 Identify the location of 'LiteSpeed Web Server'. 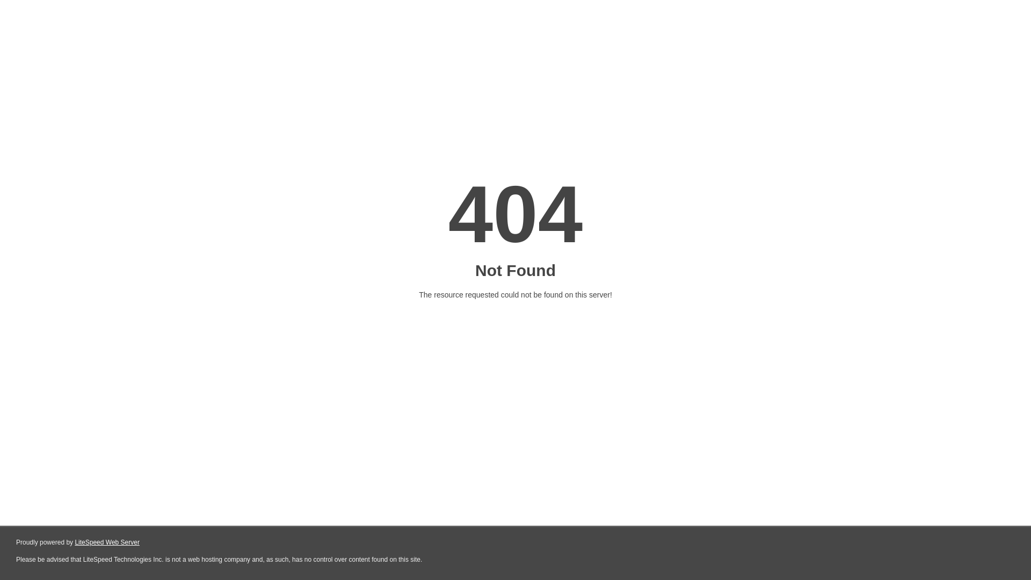
(107, 542).